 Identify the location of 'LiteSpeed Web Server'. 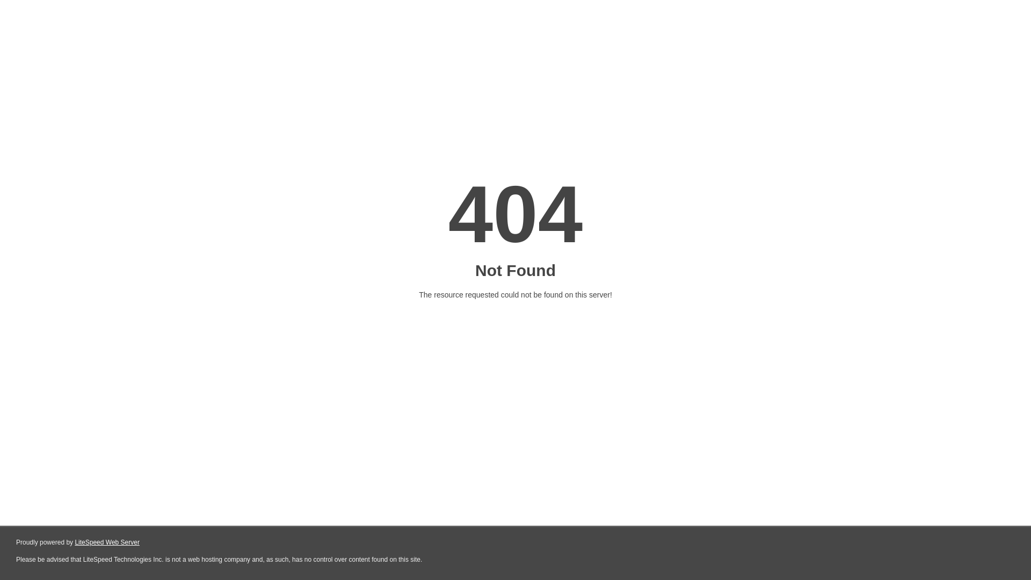
(107, 542).